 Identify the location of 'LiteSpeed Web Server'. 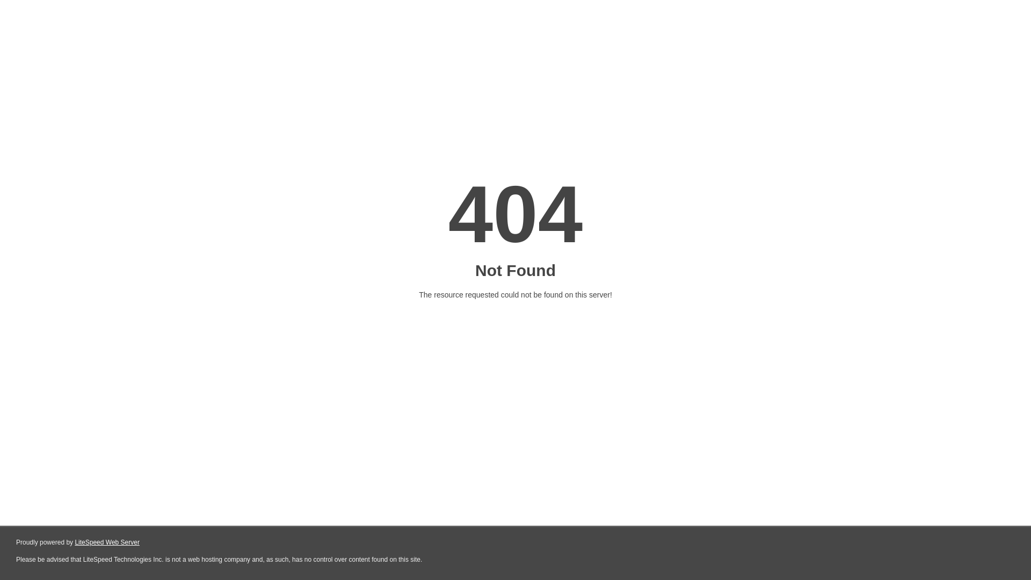
(107, 542).